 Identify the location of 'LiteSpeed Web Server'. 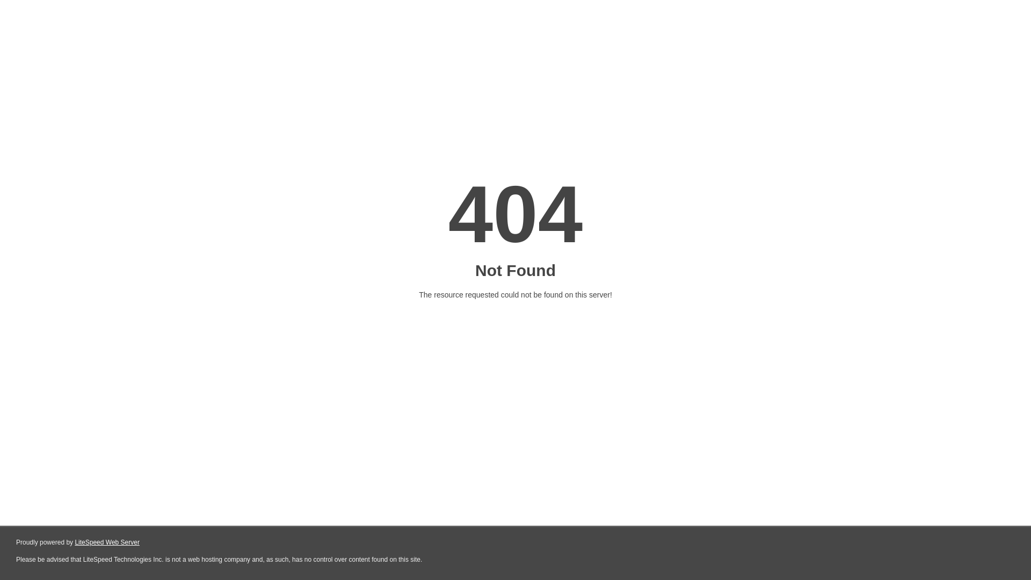
(107, 542).